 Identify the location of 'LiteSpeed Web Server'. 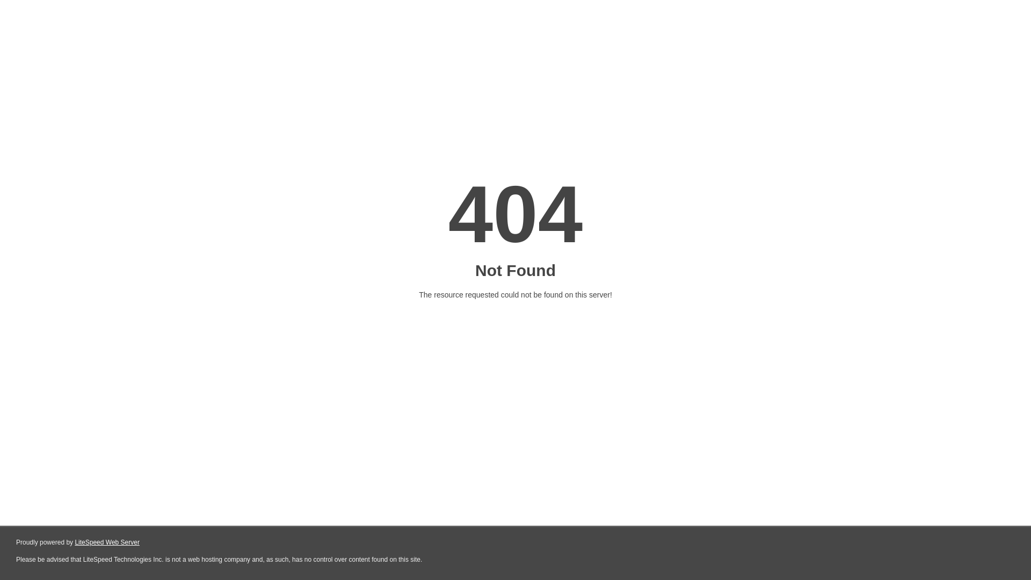
(107, 542).